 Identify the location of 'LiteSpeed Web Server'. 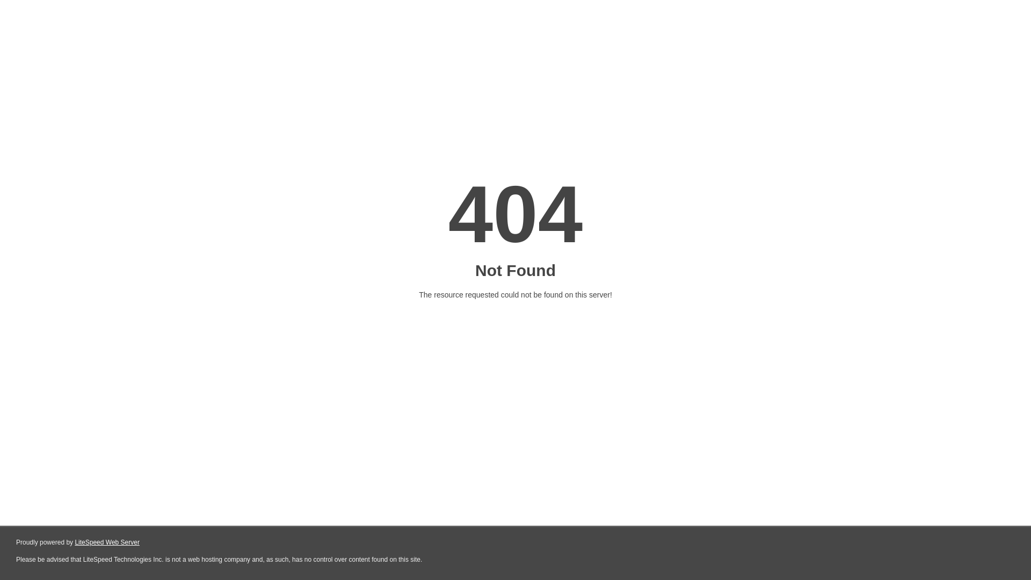
(107, 542).